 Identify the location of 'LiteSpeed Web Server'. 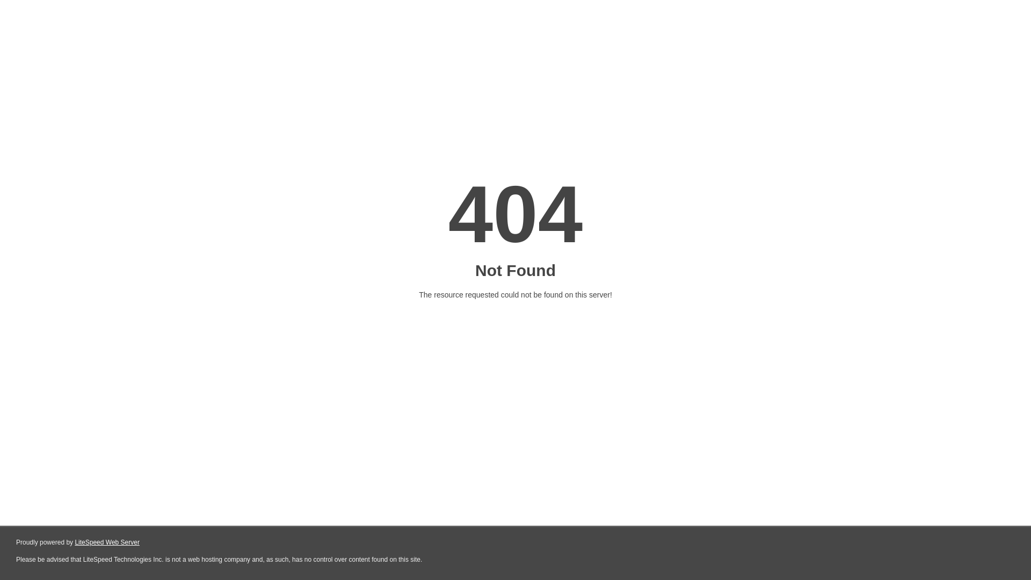
(107, 542).